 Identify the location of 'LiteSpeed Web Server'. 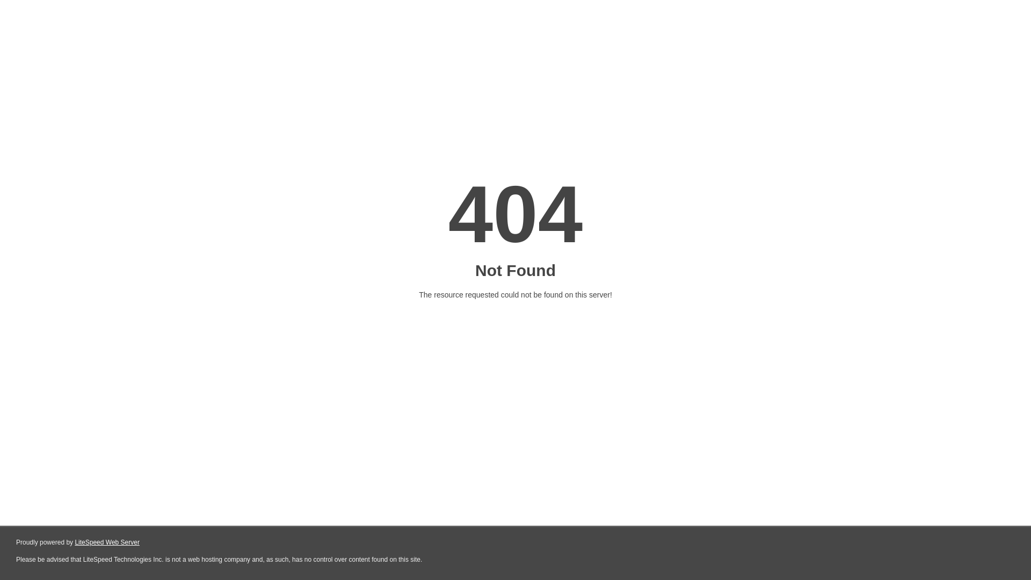
(107, 542).